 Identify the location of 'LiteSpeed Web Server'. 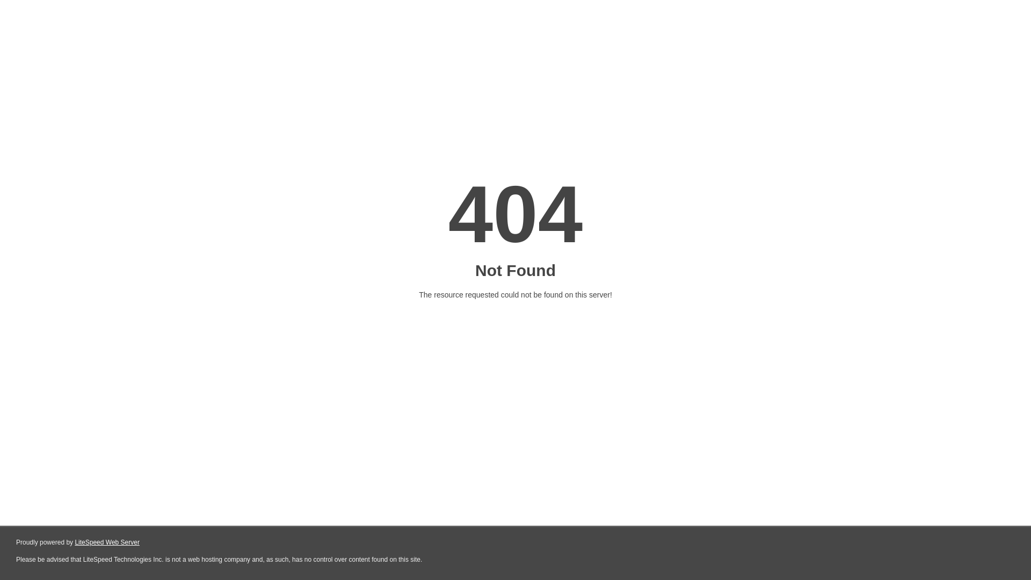
(107, 542).